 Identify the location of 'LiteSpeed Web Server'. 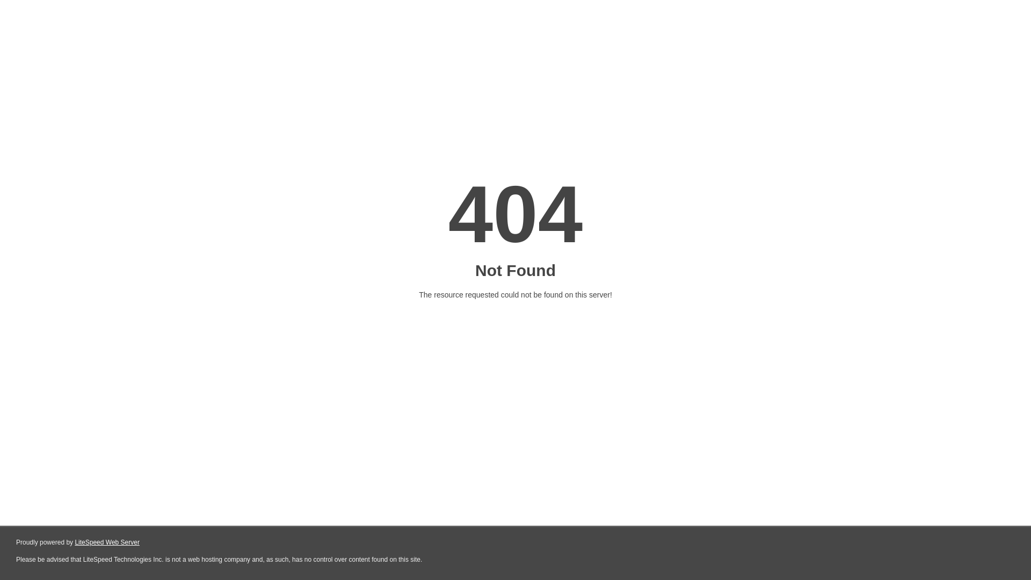
(107, 542).